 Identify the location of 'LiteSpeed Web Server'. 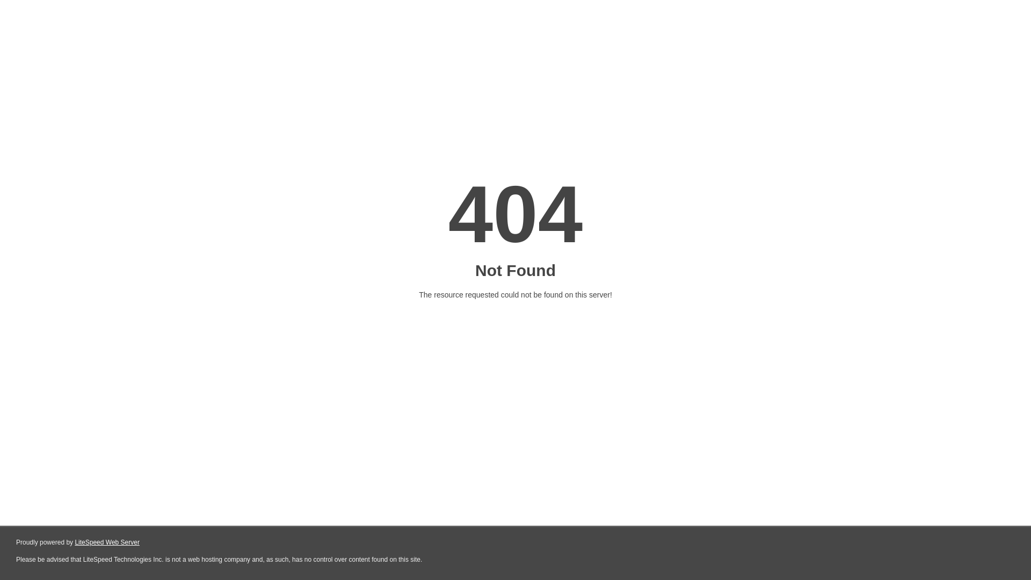
(107, 542).